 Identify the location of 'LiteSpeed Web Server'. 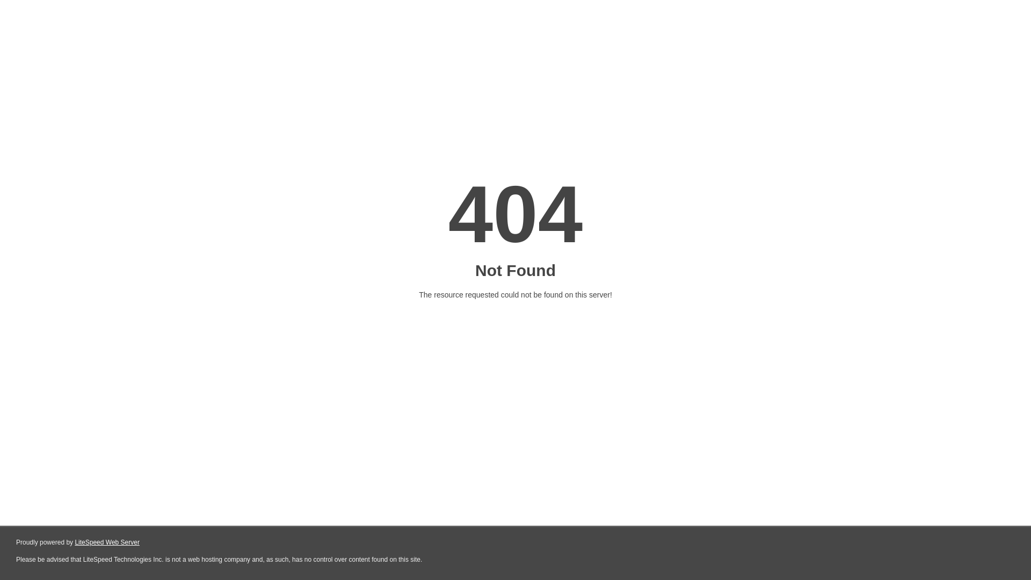
(107, 542).